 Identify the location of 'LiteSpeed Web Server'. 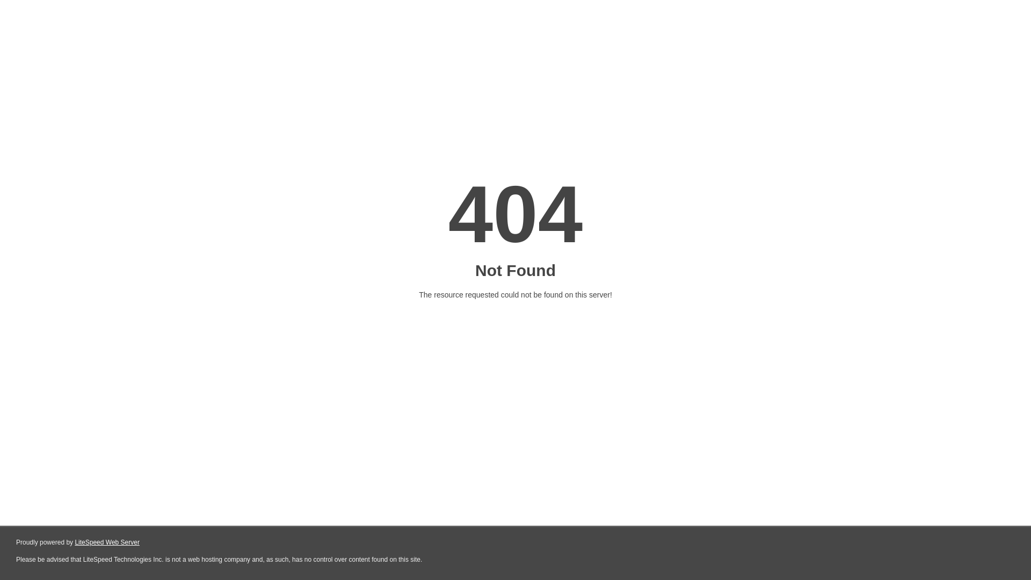
(107, 542).